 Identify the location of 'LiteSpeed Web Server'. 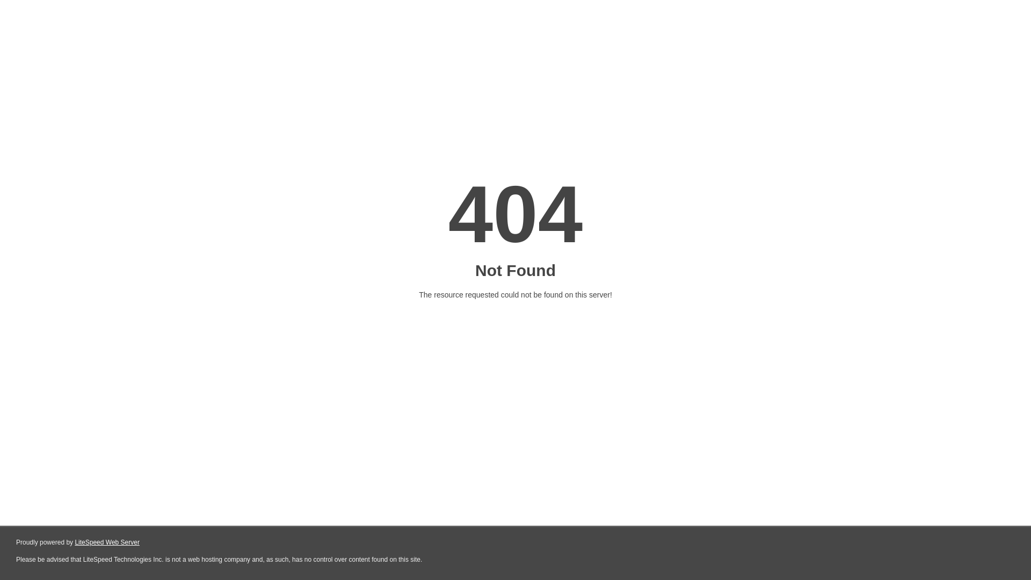
(107, 542).